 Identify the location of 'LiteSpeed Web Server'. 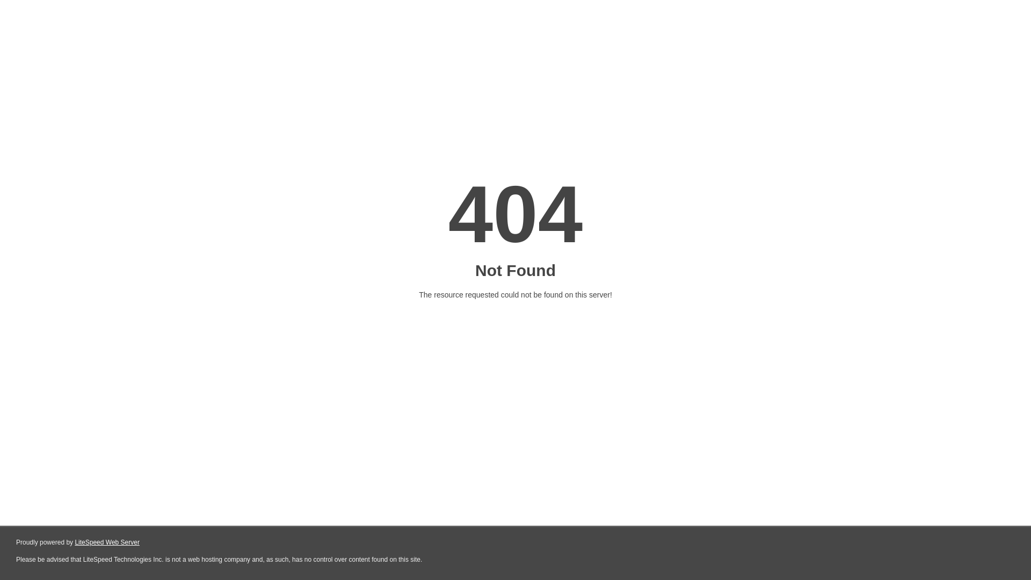
(107, 542).